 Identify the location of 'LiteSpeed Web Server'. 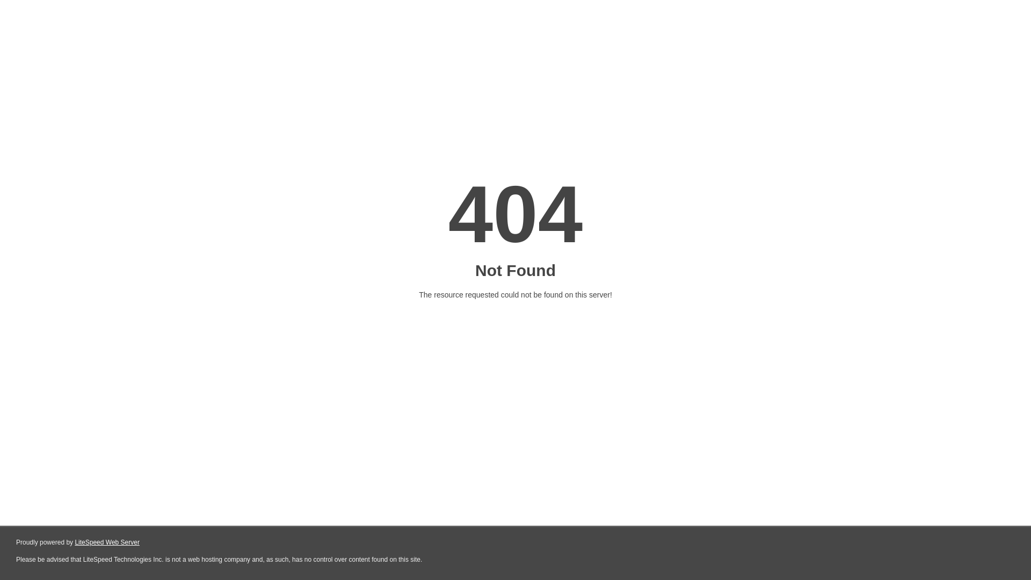
(107, 542).